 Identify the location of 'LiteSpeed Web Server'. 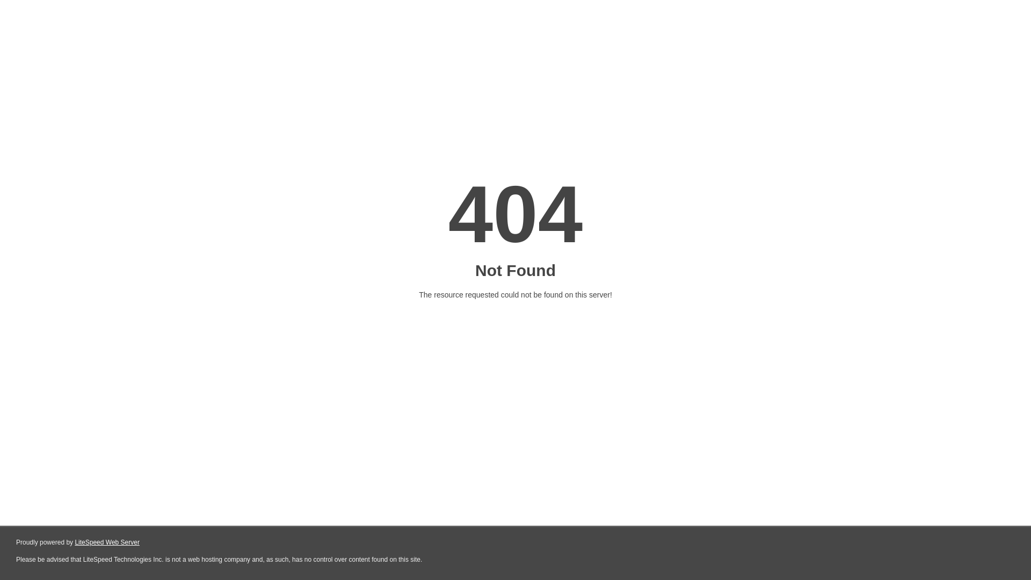
(107, 542).